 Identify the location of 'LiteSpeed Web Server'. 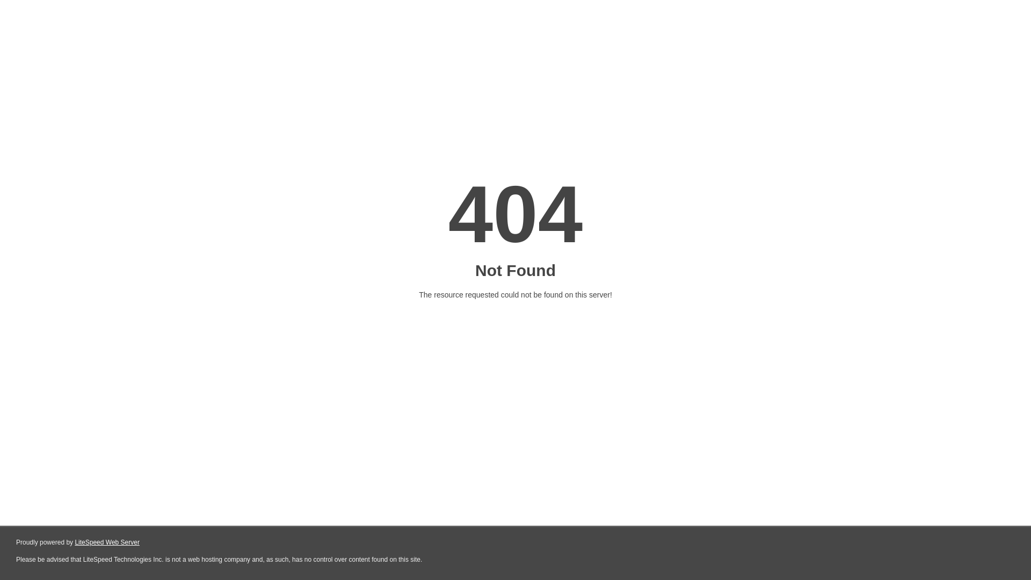
(107, 542).